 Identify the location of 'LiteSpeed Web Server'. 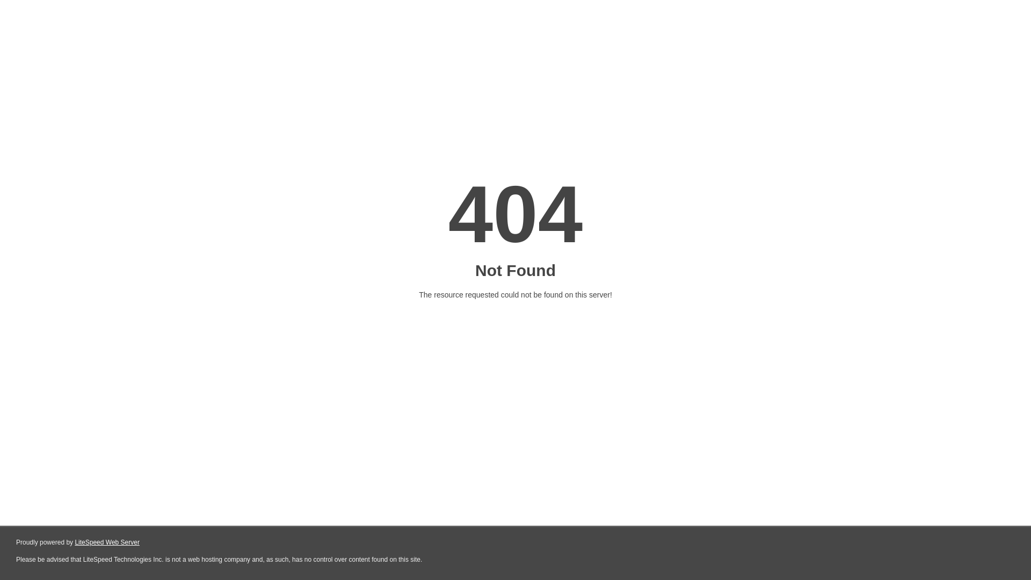
(107, 542).